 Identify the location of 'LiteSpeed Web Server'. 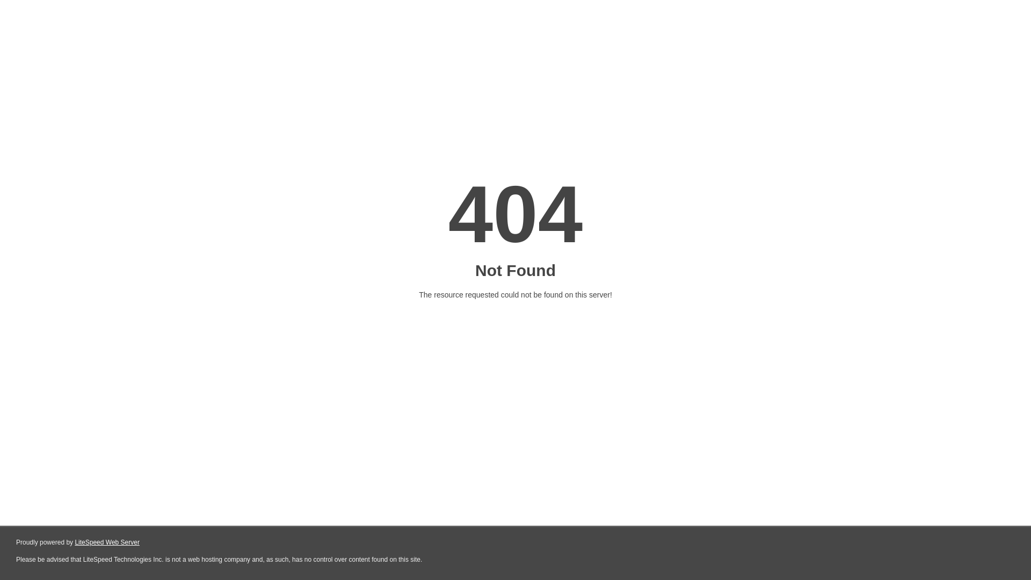
(107, 542).